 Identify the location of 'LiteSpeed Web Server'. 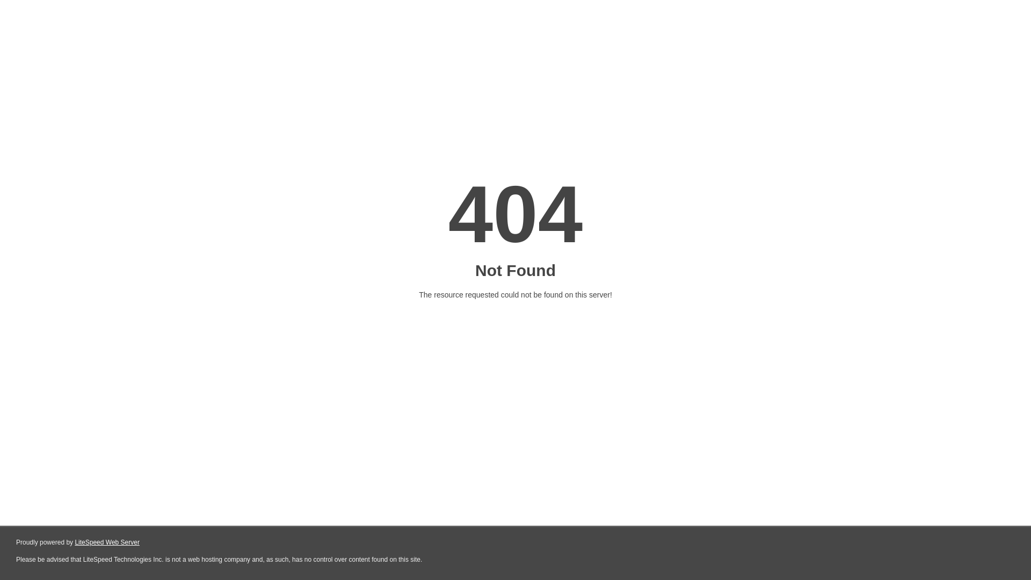
(107, 542).